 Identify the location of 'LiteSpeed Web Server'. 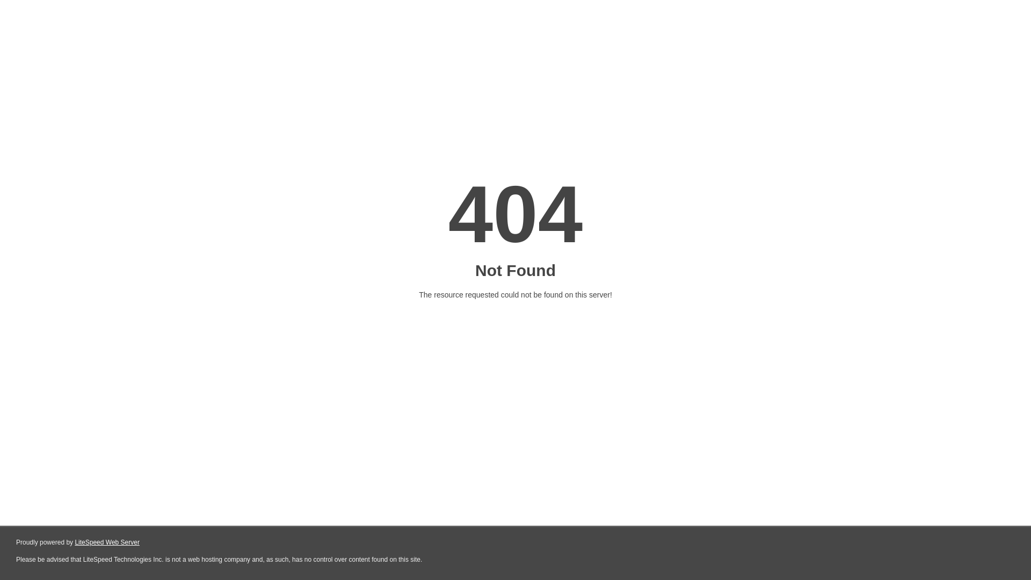
(107, 542).